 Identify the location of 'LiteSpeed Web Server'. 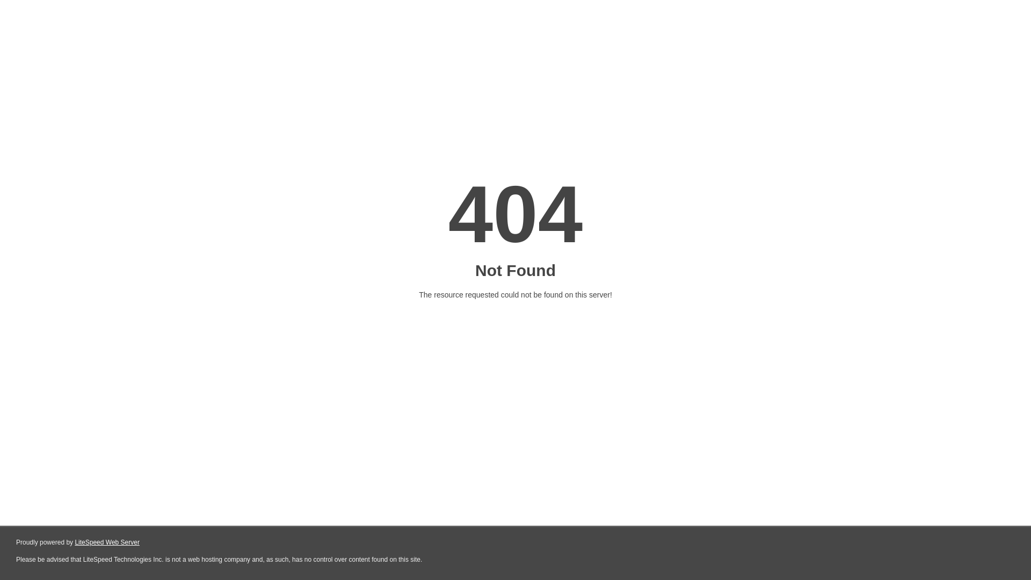
(107, 542).